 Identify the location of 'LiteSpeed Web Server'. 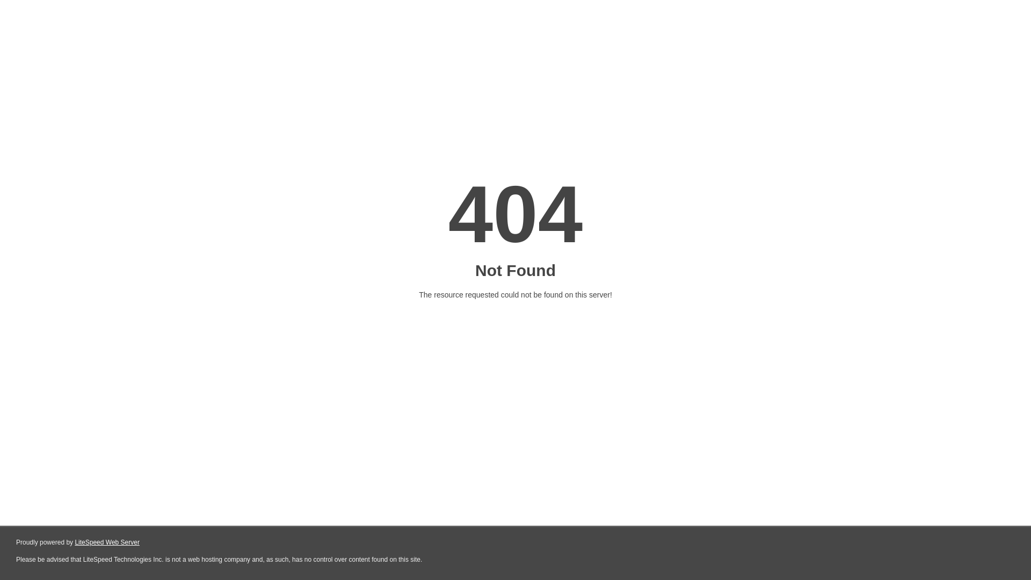
(107, 542).